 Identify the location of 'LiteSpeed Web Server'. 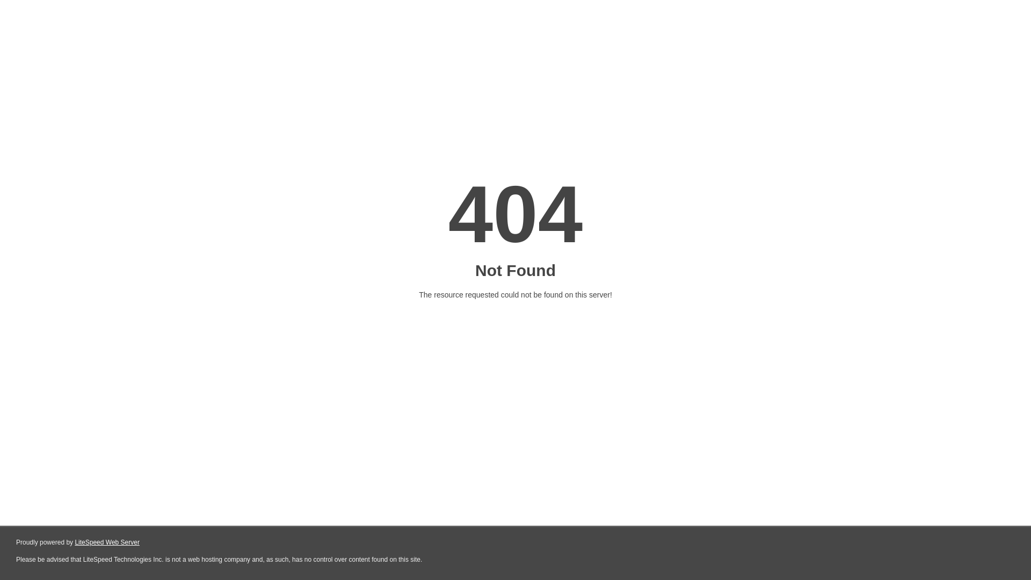
(107, 542).